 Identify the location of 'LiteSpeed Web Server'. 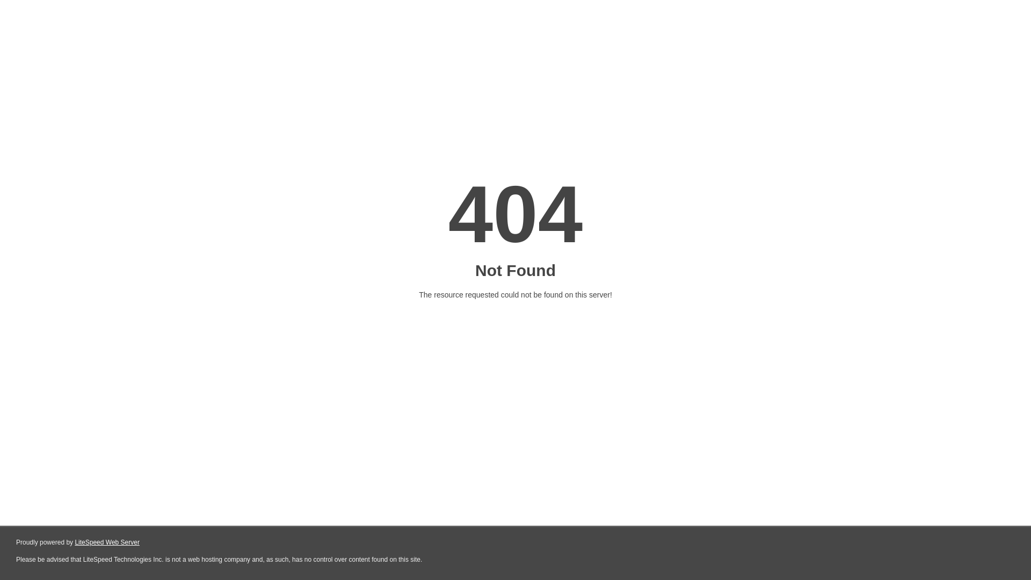
(107, 542).